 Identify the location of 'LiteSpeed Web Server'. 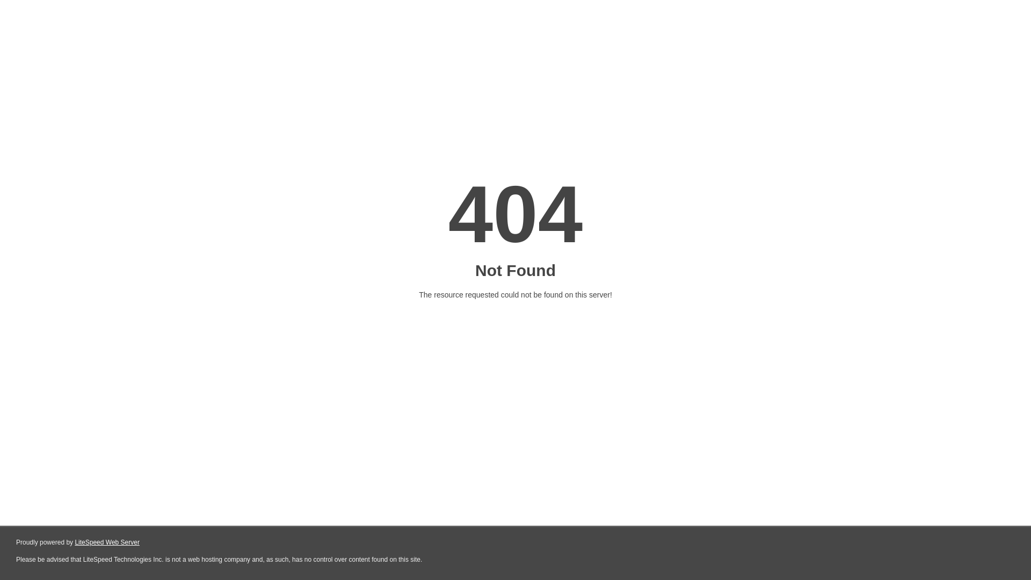
(107, 542).